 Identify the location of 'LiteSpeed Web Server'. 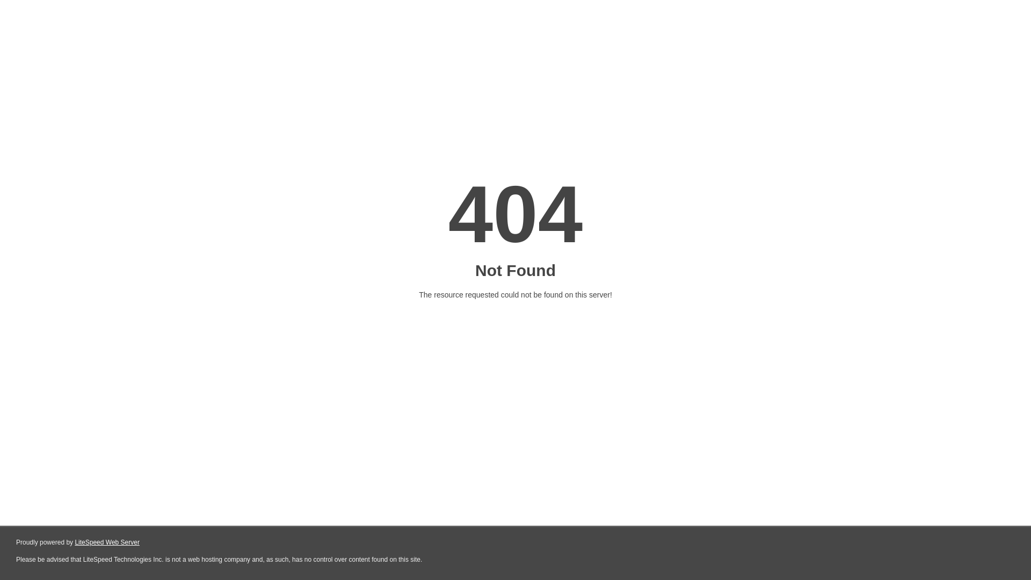
(107, 542).